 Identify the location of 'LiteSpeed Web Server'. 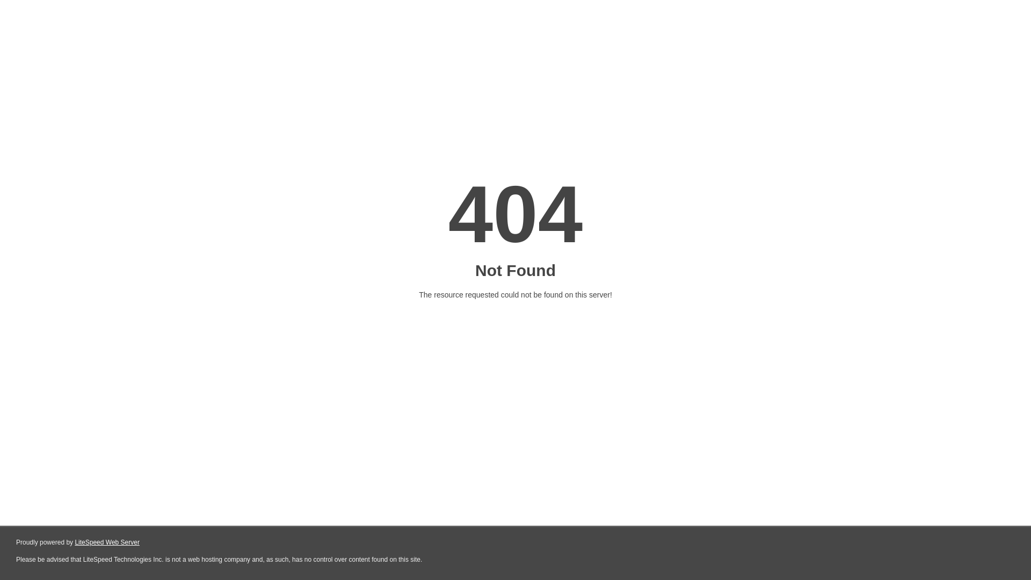
(107, 542).